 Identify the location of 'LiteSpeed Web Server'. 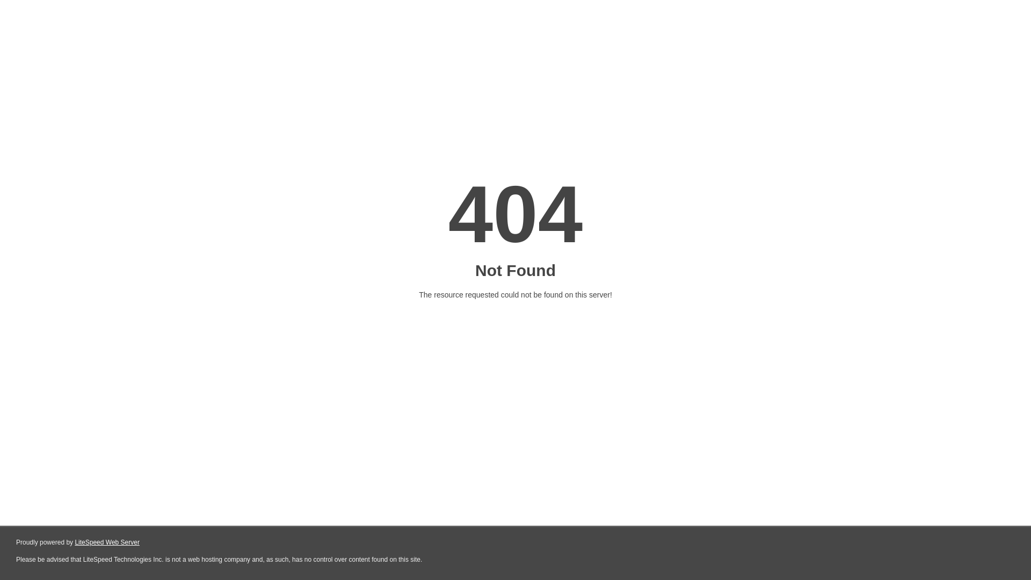
(107, 542).